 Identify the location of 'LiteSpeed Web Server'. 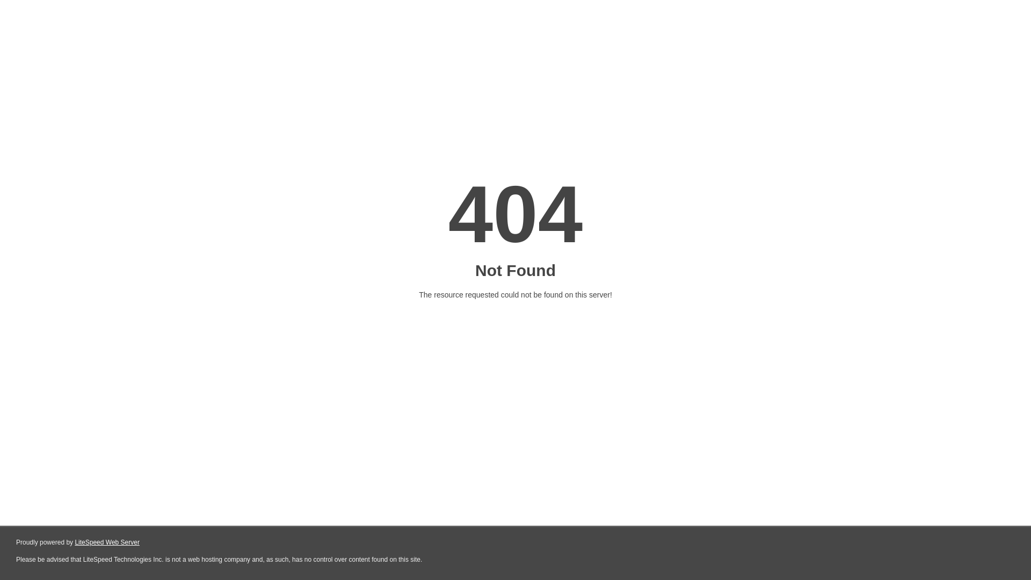
(107, 542).